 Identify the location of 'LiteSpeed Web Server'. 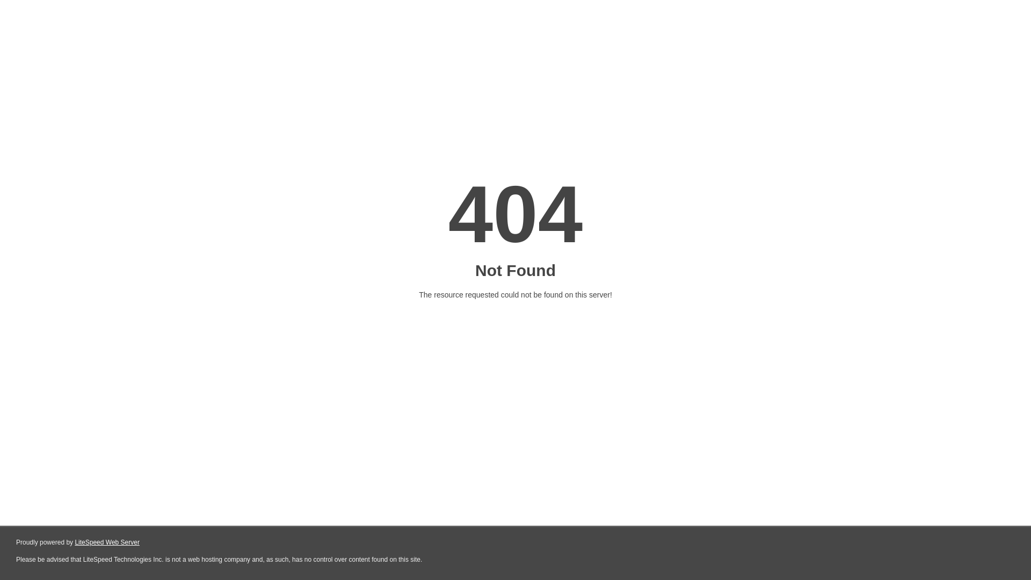
(107, 542).